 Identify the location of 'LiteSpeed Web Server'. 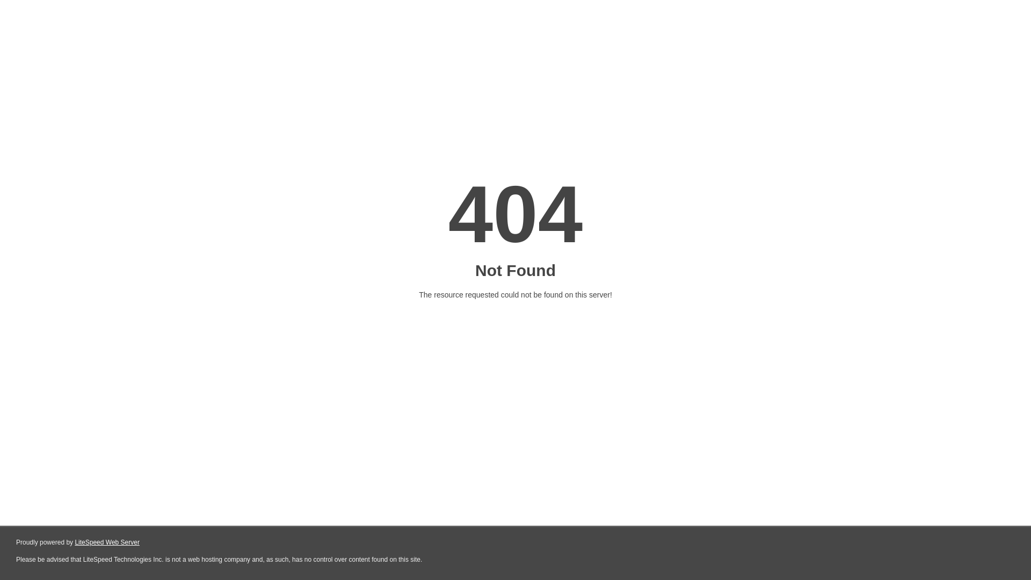
(107, 542).